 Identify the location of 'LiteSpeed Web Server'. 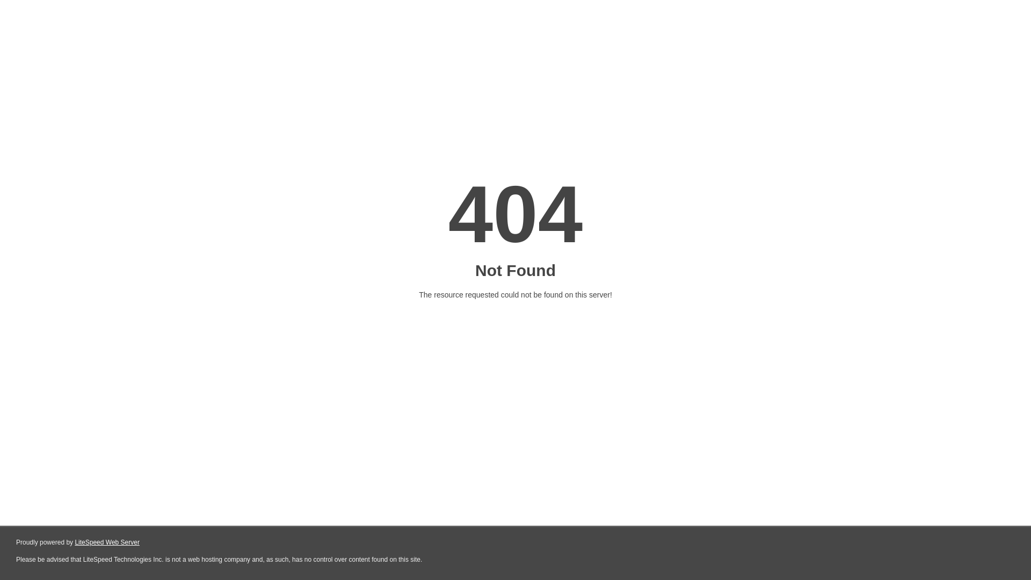
(107, 542).